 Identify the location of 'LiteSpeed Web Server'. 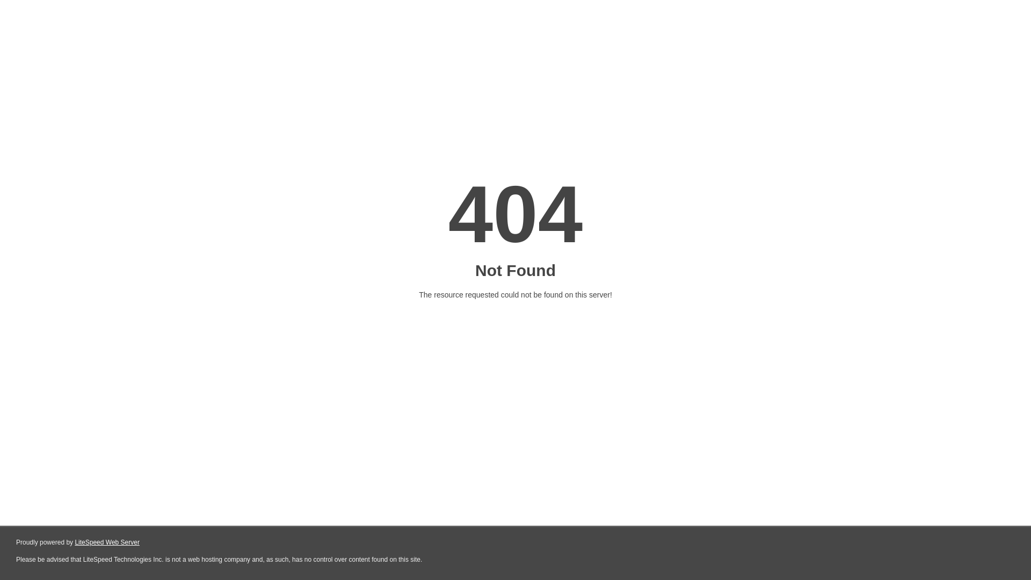
(107, 542).